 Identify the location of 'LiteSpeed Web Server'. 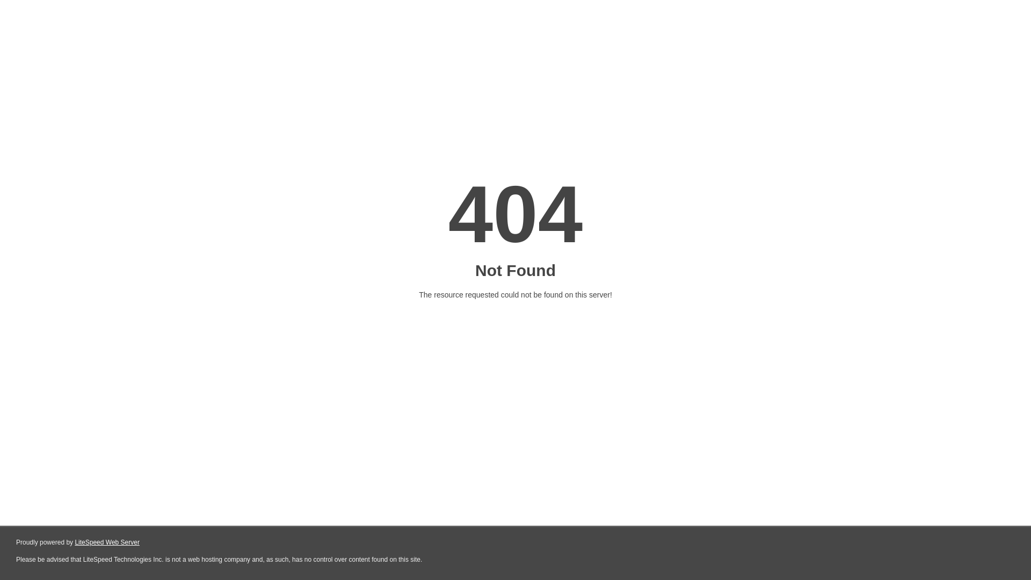
(107, 542).